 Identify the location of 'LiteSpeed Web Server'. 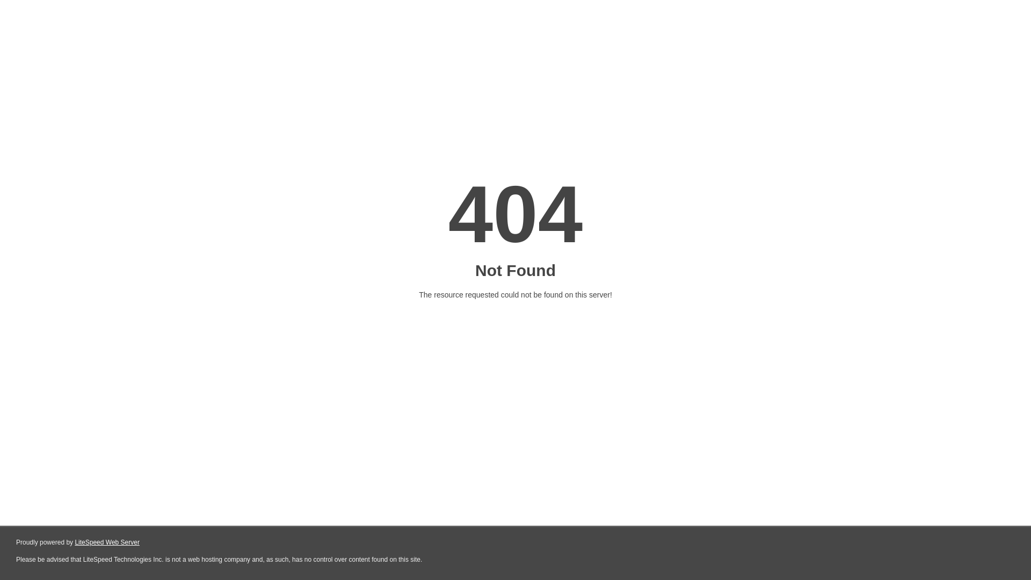
(107, 542).